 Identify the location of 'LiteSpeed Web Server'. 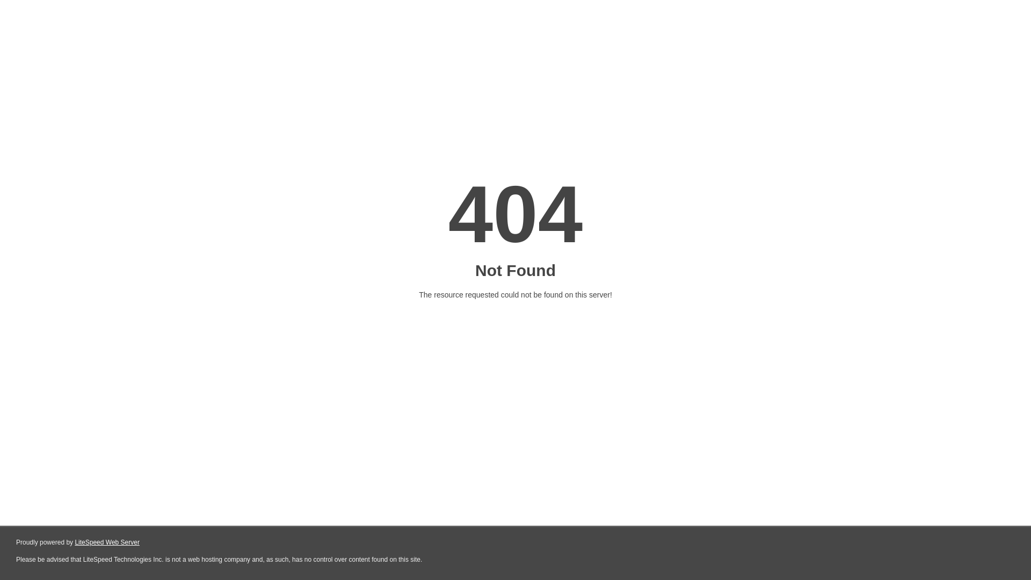
(107, 542).